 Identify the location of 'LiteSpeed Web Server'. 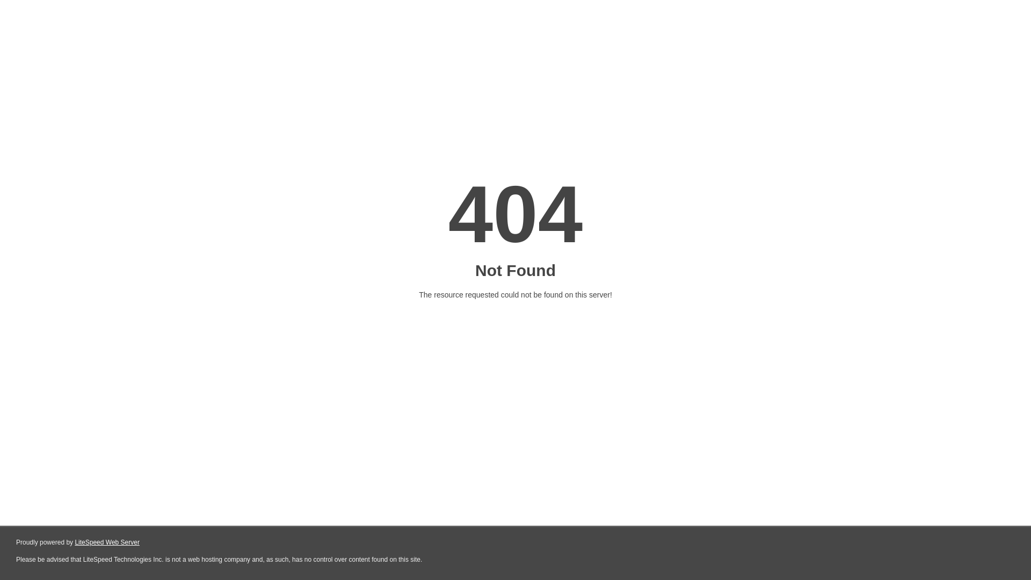
(107, 542).